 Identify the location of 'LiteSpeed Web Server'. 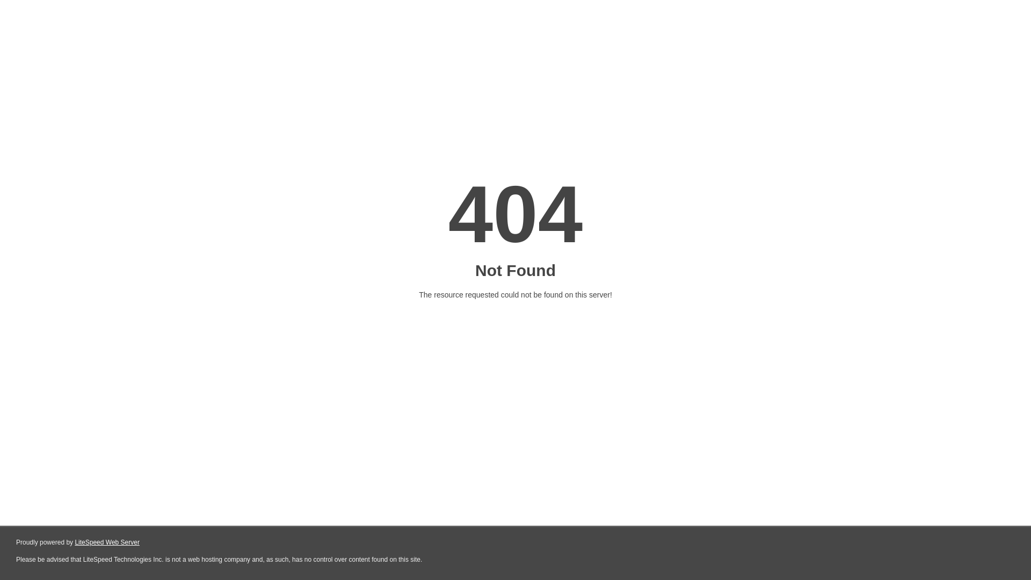
(107, 542).